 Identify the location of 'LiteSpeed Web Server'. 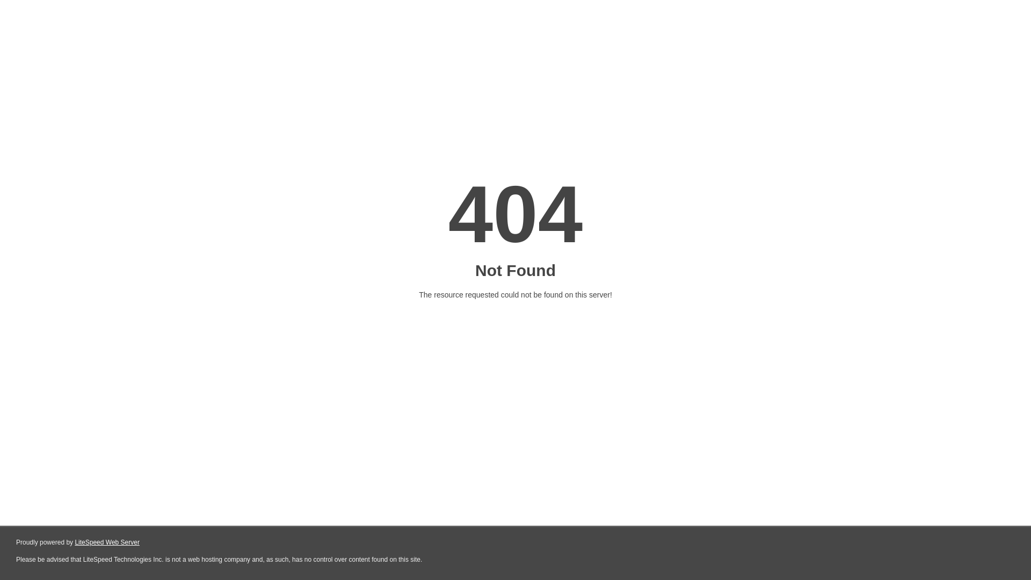
(107, 542).